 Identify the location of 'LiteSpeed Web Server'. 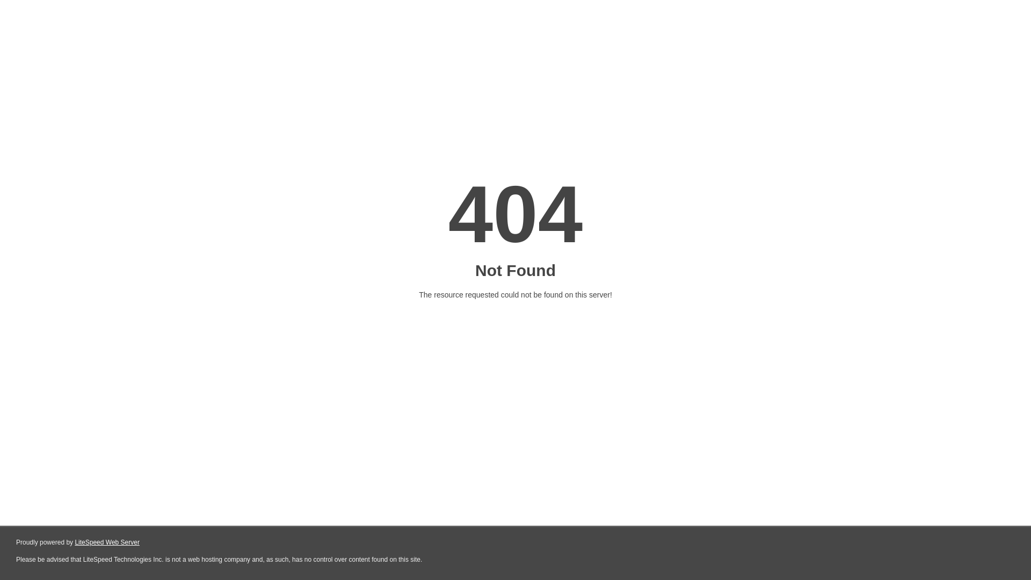
(107, 542).